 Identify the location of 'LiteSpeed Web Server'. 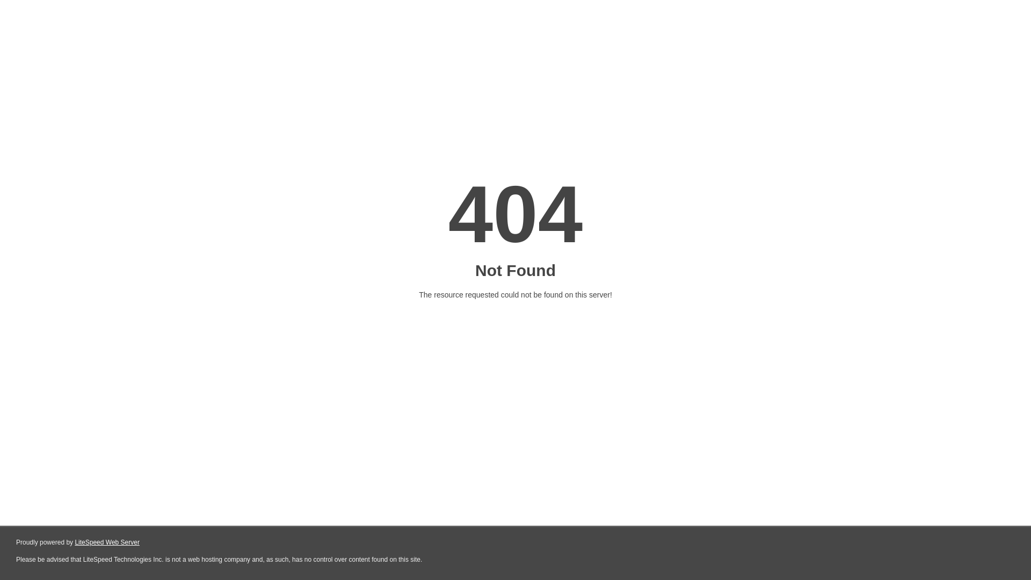
(107, 542).